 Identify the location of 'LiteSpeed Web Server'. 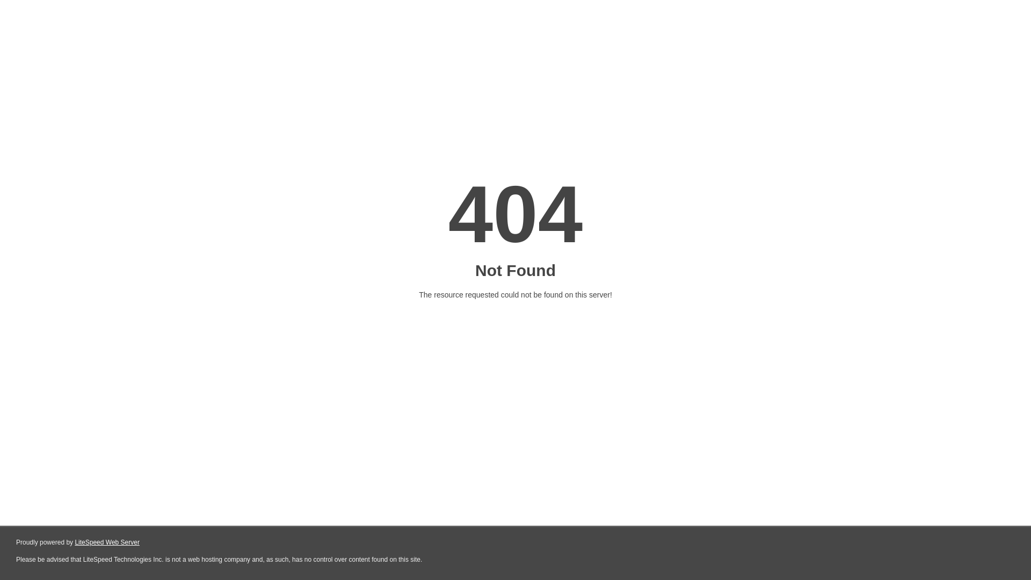
(107, 542).